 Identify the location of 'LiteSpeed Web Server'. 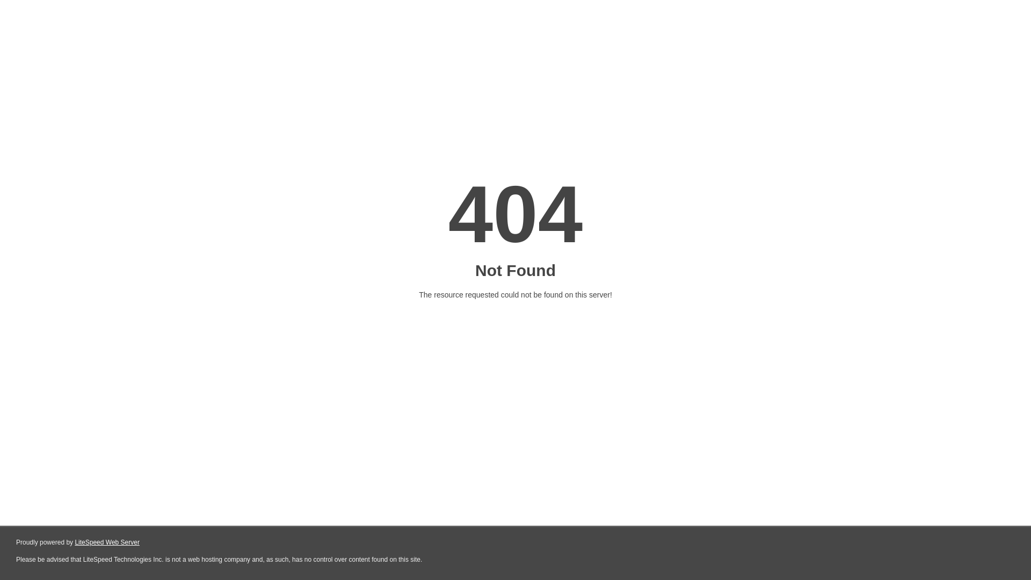
(107, 542).